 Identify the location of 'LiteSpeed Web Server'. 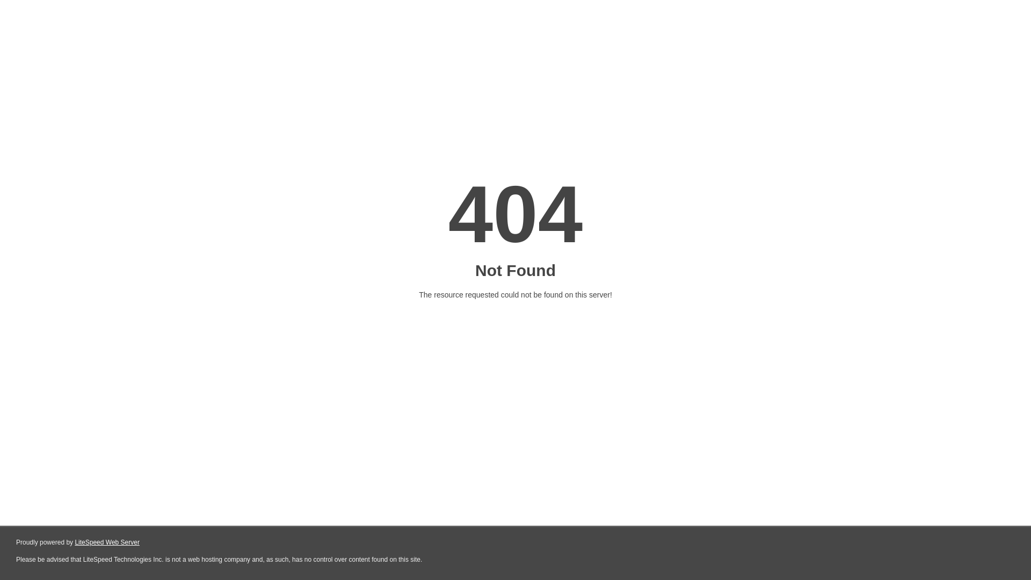
(107, 542).